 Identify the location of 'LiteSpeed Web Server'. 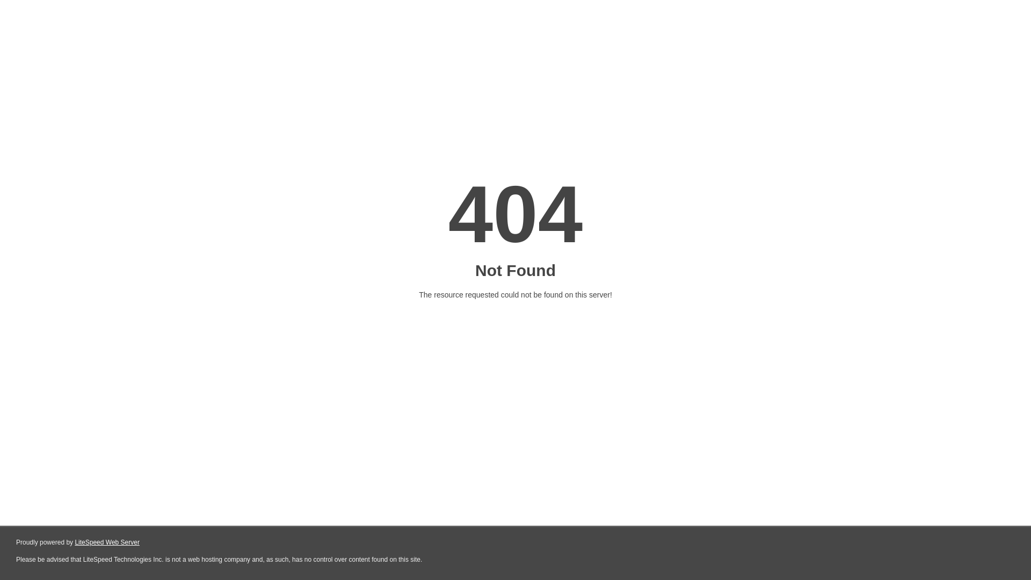
(107, 542).